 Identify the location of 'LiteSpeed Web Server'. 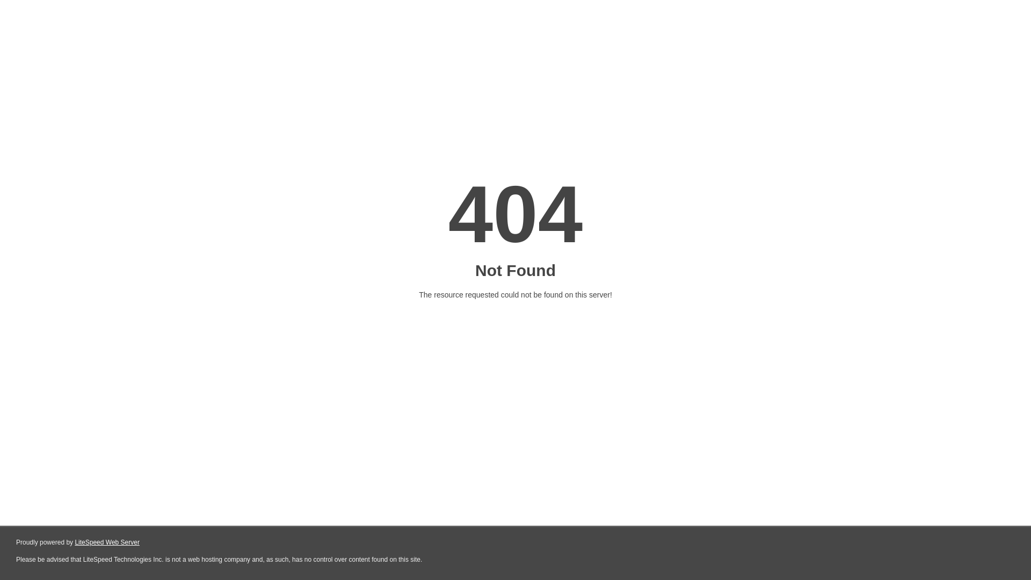
(107, 542).